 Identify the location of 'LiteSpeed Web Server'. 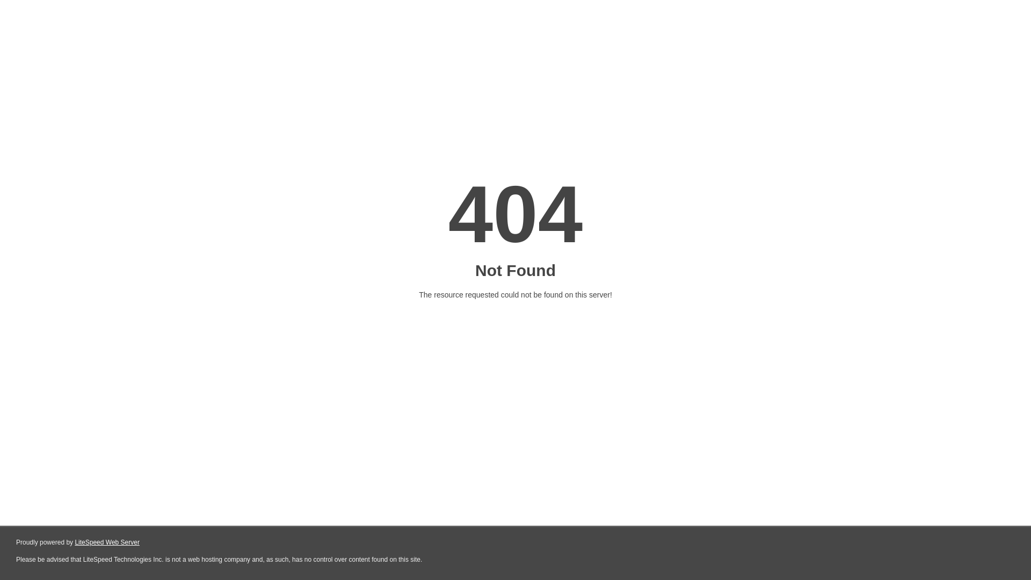
(107, 542).